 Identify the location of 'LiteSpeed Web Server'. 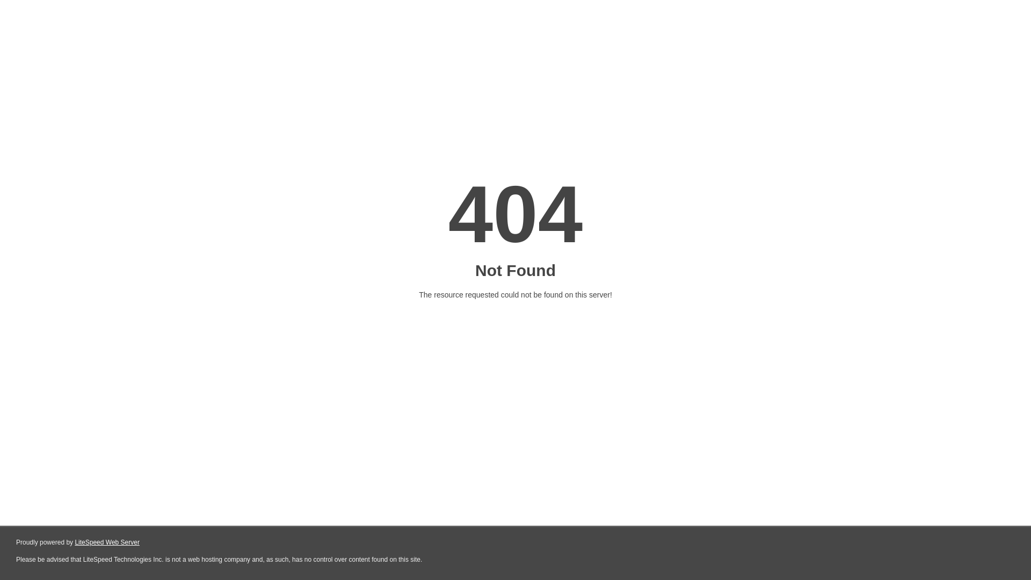
(107, 542).